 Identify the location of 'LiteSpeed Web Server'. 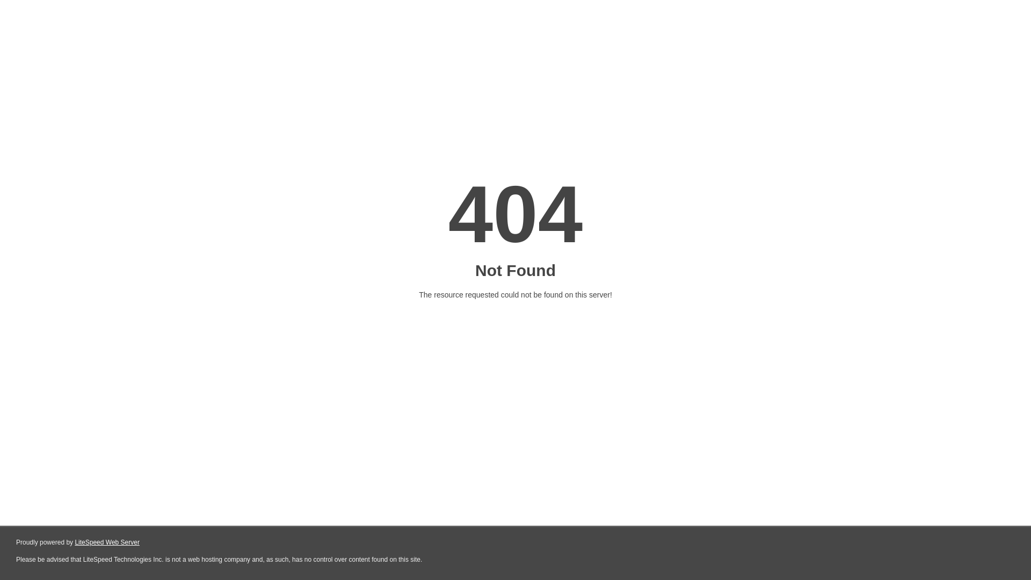
(107, 542).